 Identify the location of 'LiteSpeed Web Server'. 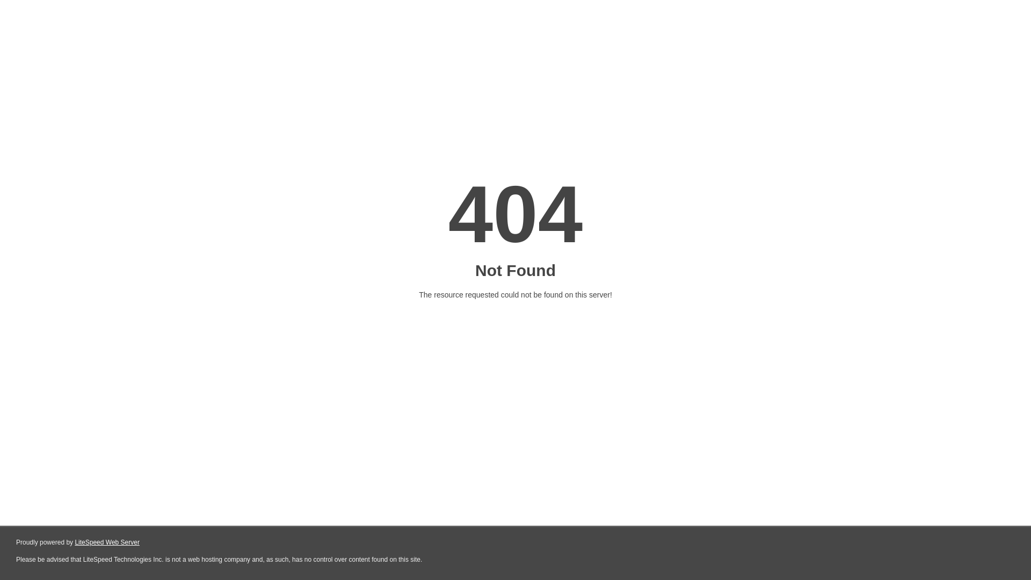
(107, 542).